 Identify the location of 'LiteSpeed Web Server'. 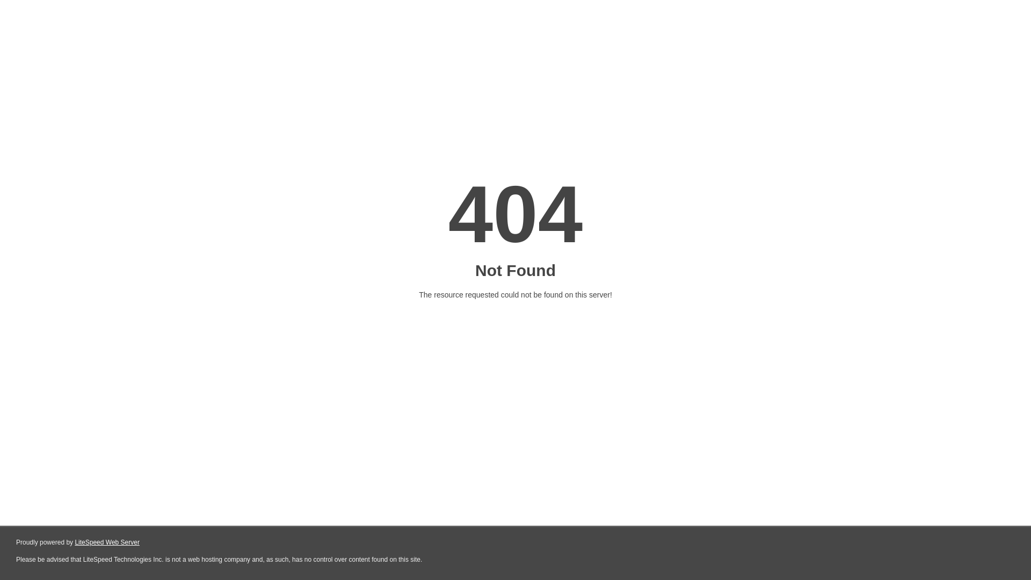
(107, 542).